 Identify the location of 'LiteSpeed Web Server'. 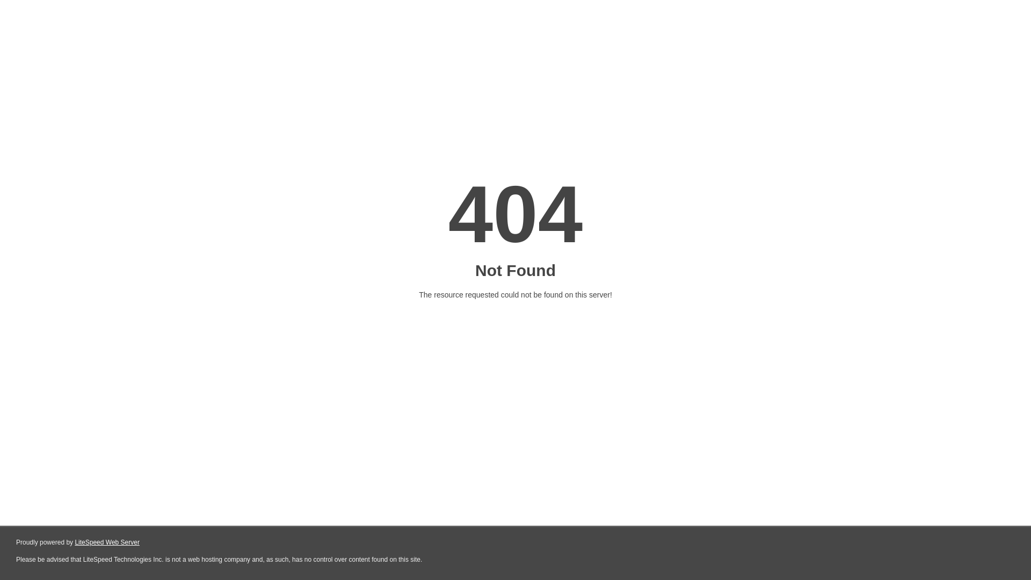
(107, 542).